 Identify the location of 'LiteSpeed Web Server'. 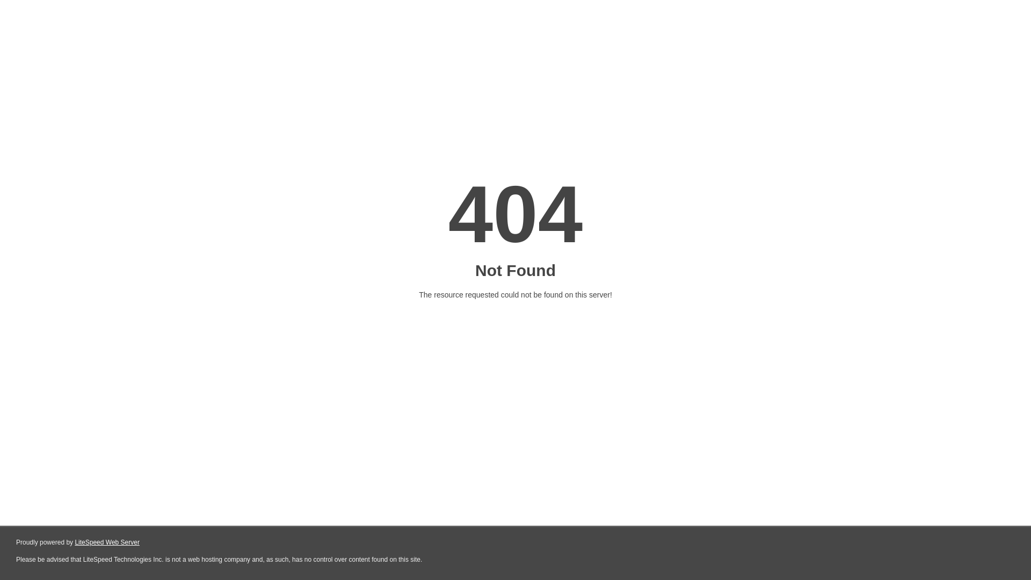
(107, 542).